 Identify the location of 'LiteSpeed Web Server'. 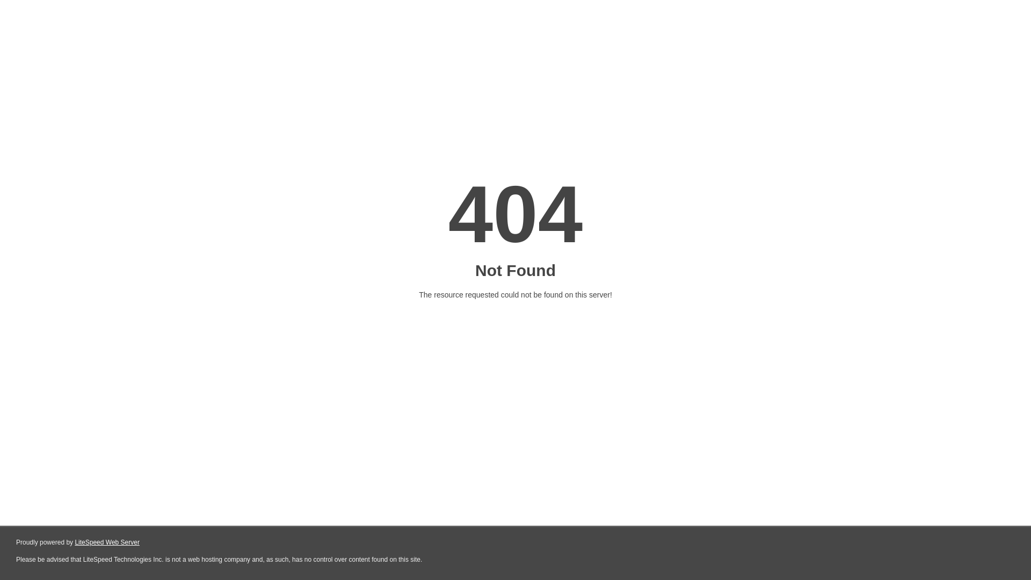
(107, 542).